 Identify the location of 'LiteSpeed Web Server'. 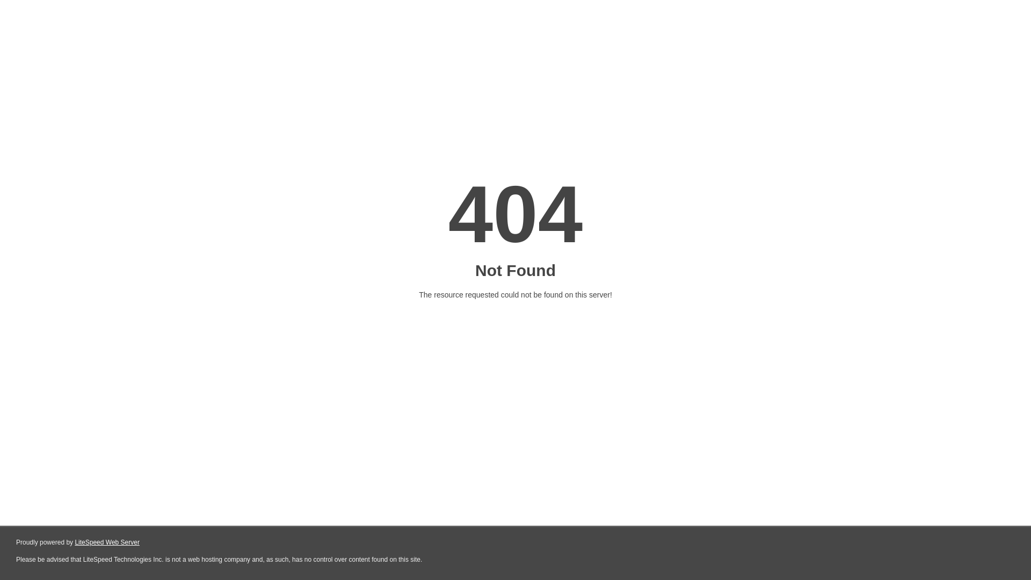
(107, 542).